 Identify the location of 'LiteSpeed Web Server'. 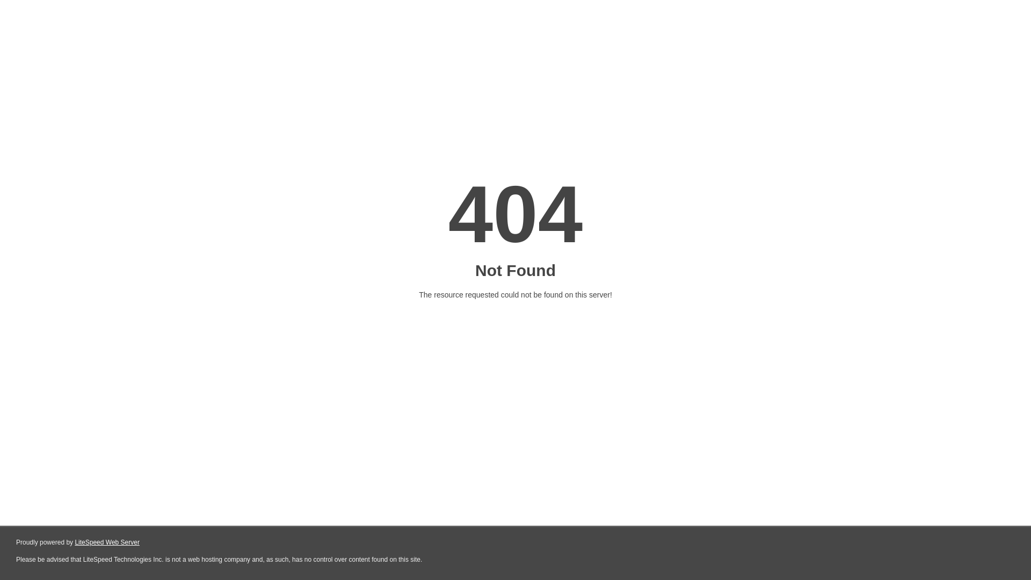
(107, 542).